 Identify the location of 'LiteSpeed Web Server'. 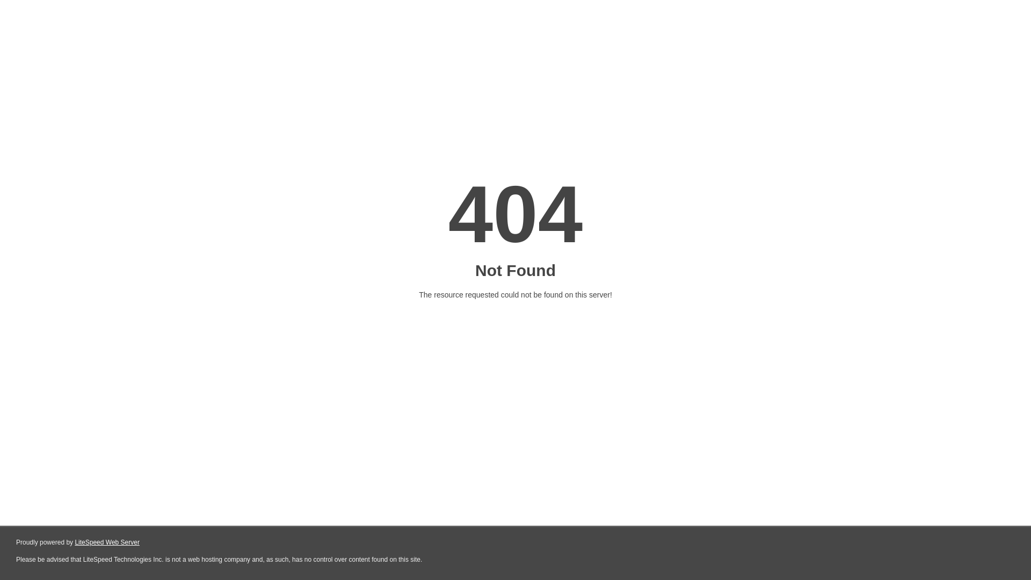
(107, 542).